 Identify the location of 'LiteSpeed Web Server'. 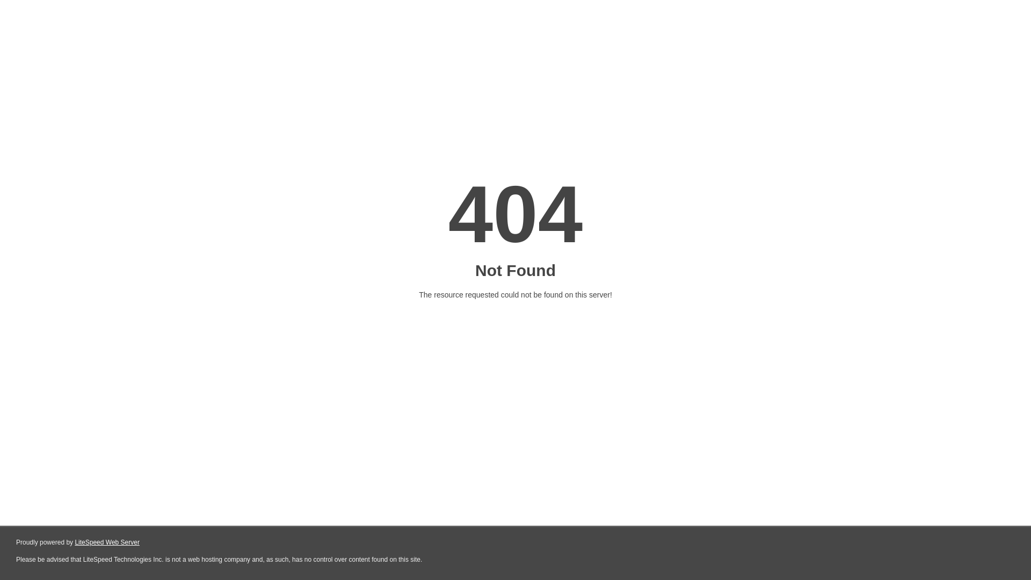
(107, 542).